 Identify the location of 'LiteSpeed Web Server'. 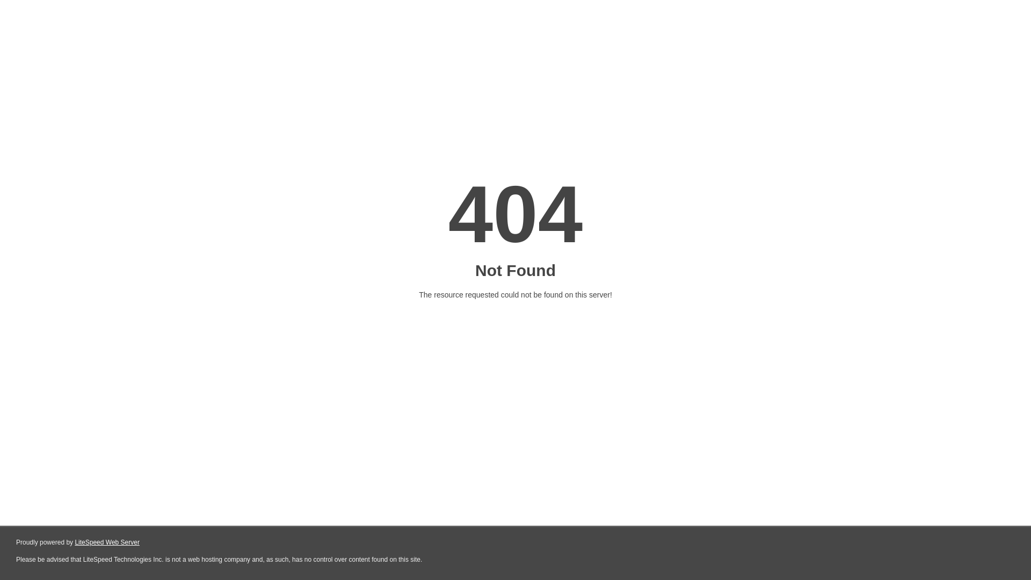
(107, 542).